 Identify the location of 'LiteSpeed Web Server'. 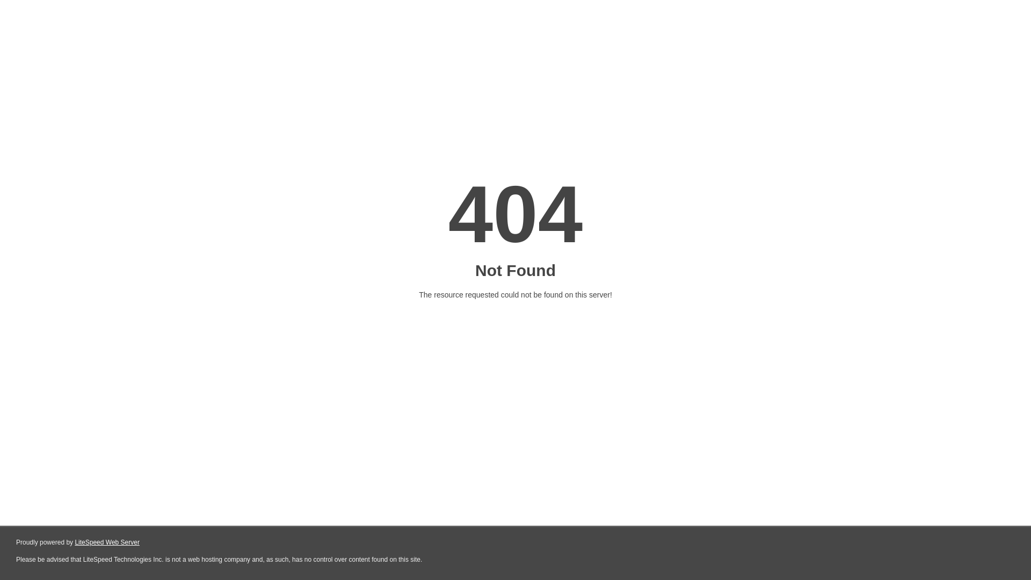
(107, 542).